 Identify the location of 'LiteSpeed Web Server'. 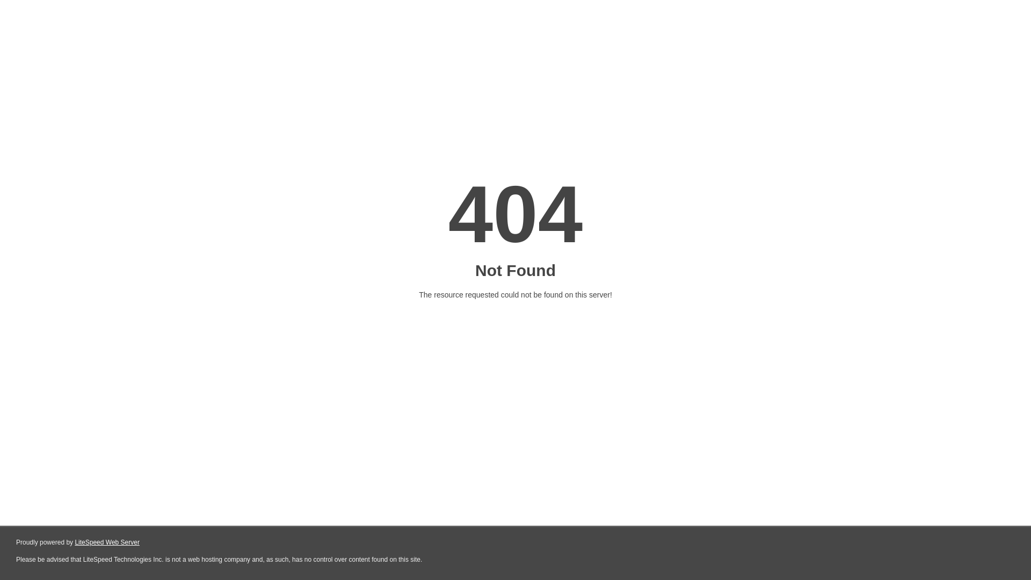
(107, 542).